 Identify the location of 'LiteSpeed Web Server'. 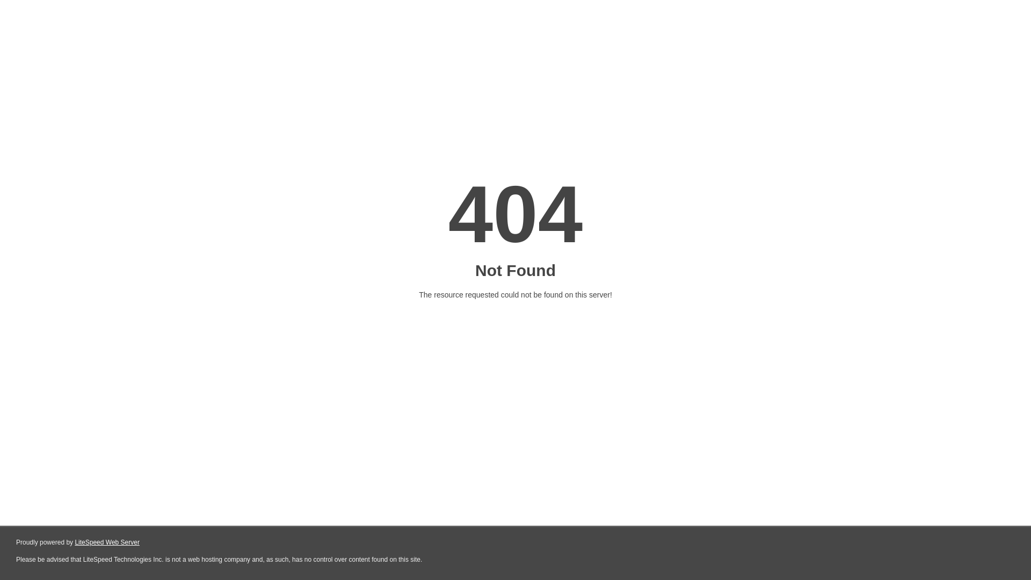
(107, 542).